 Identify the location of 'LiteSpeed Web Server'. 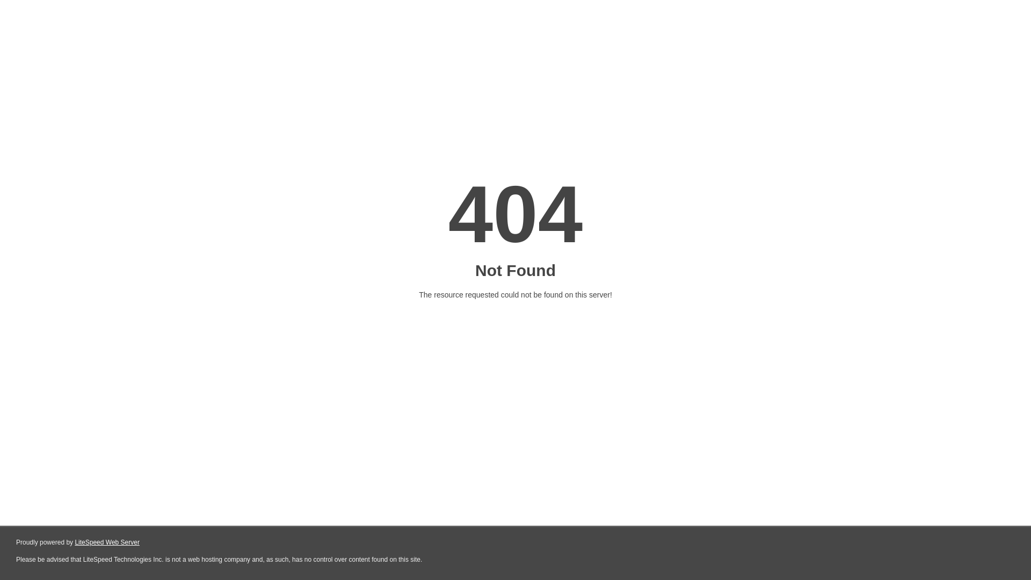
(107, 542).